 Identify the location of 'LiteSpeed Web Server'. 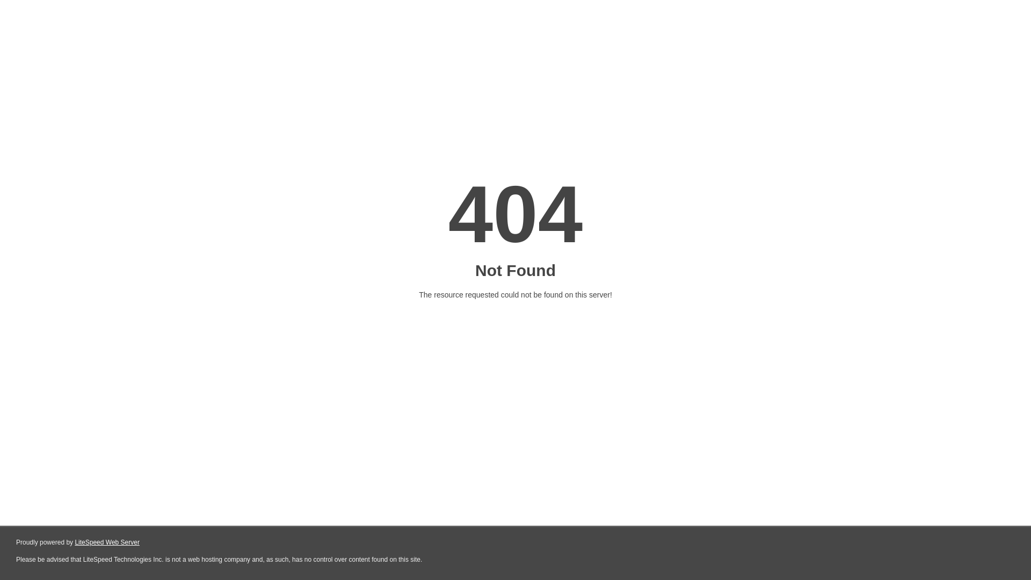
(107, 542).